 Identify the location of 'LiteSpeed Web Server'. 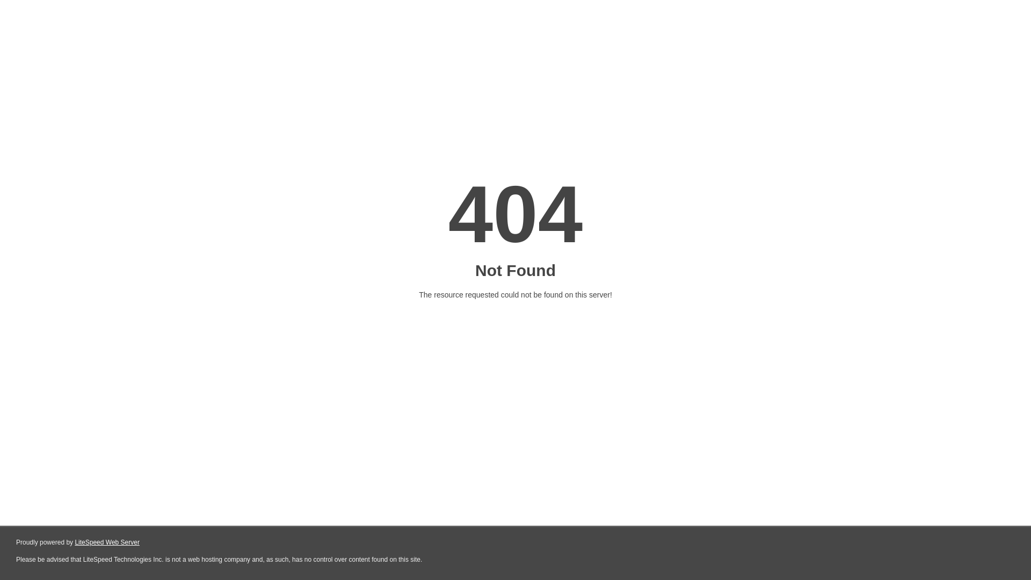
(107, 542).